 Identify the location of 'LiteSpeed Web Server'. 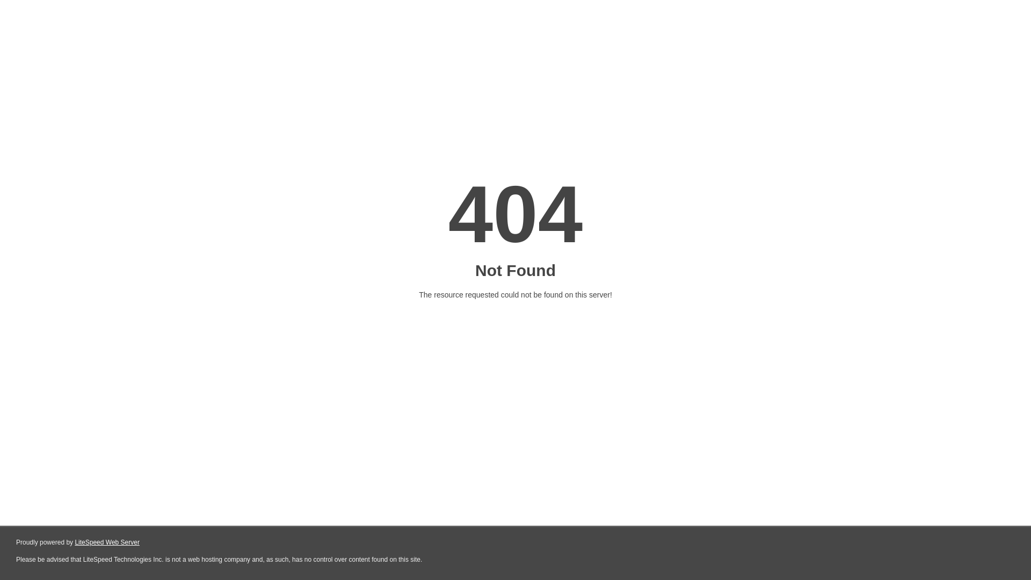
(107, 542).